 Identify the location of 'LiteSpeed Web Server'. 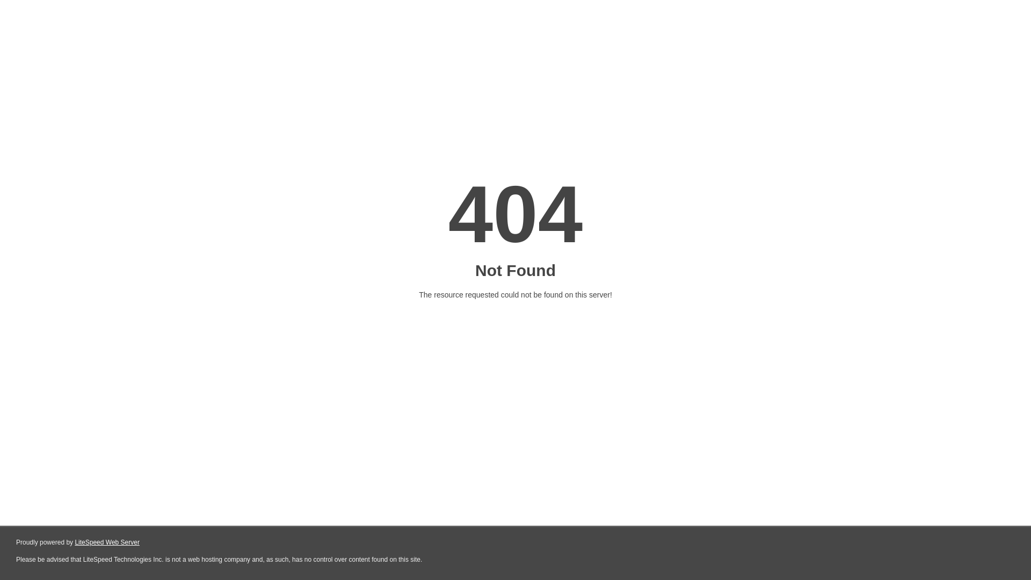
(107, 542).